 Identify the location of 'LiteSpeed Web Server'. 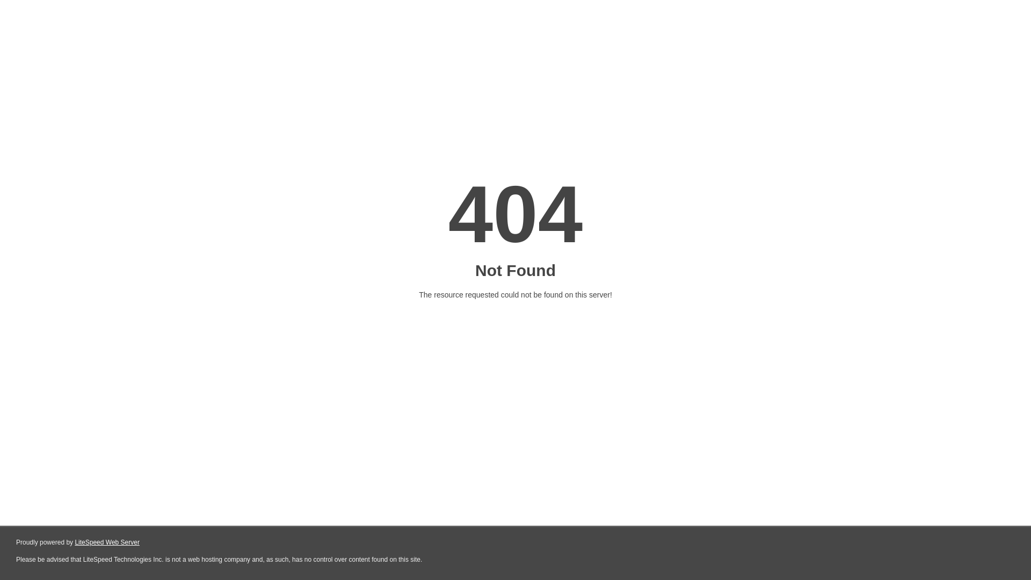
(107, 542).